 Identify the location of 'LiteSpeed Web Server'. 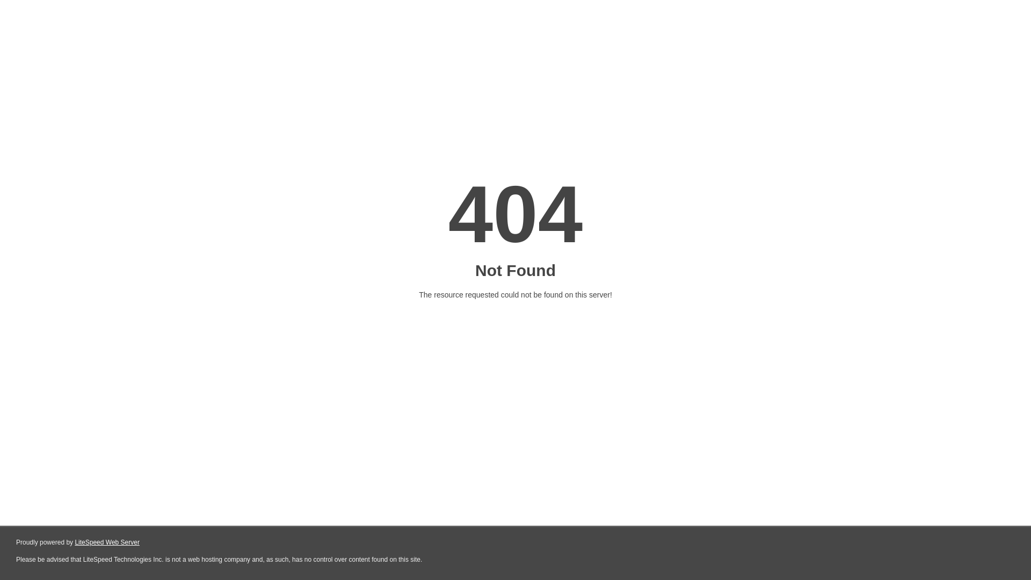
(107, 542).